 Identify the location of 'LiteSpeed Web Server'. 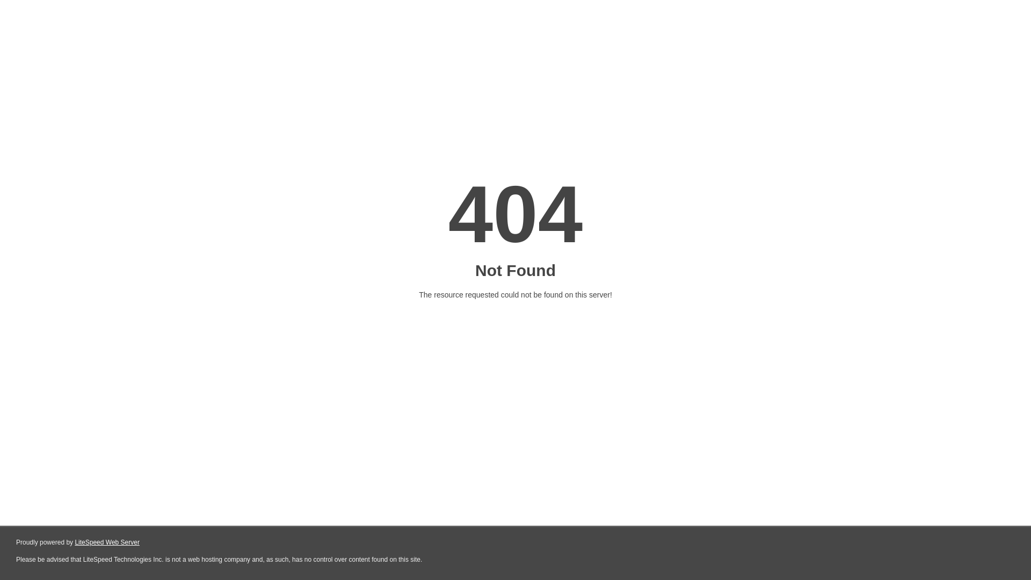
(107, 542).